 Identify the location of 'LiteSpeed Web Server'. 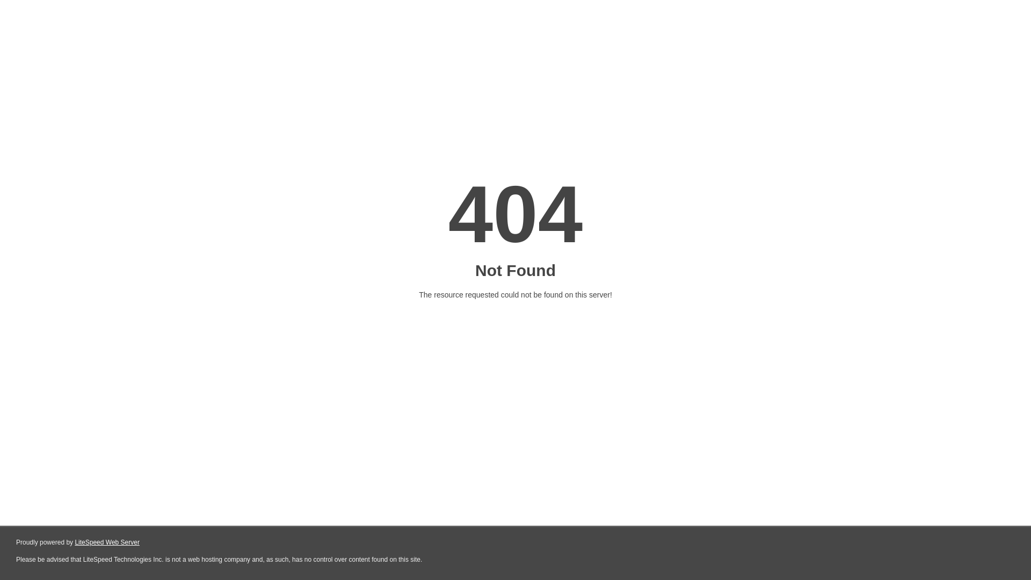
(107, 542).